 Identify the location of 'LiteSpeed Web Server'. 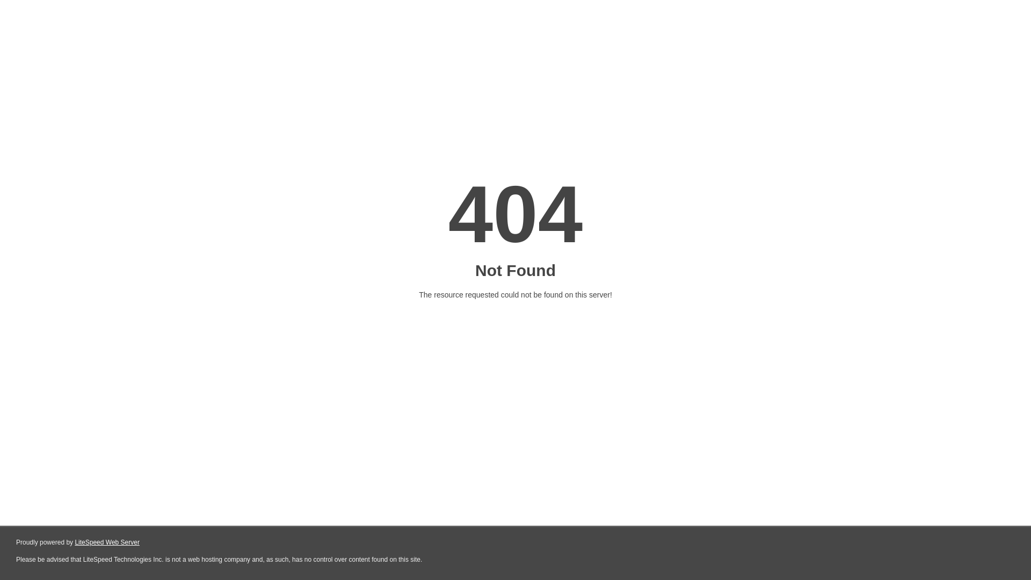
(107, 542).